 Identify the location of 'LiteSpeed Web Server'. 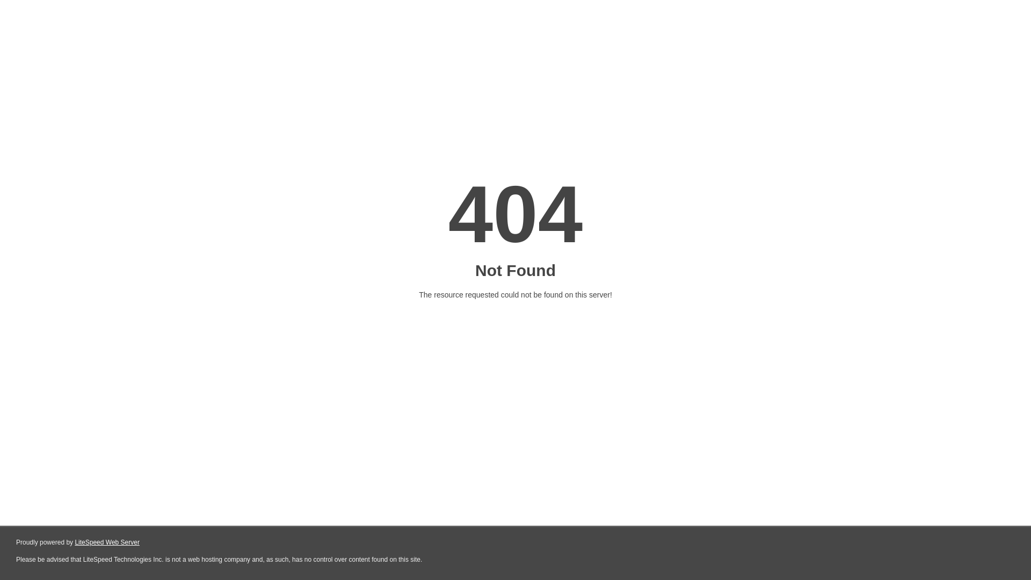
(107, 542).